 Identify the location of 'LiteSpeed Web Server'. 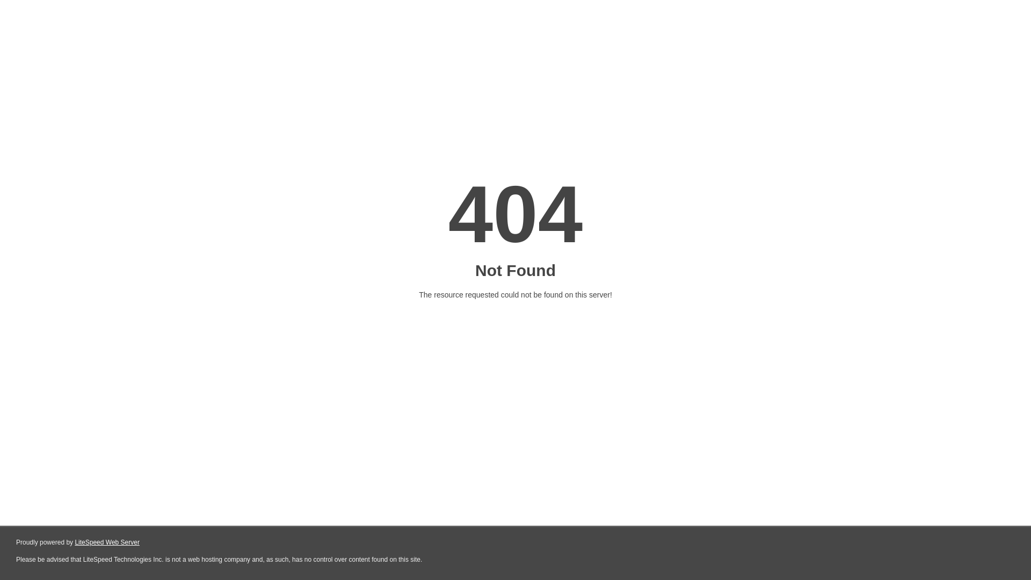
(107, 542).